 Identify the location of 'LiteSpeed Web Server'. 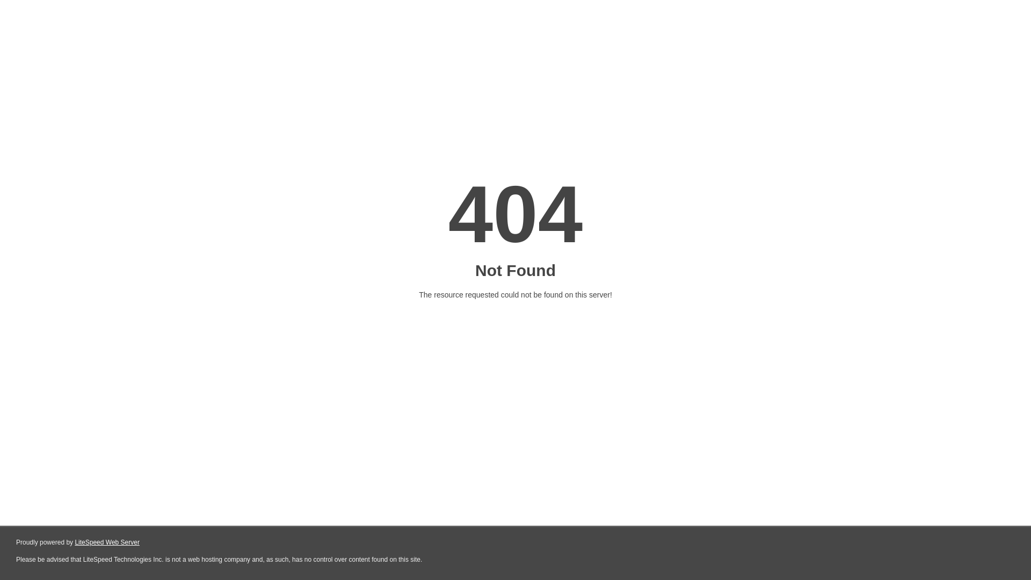
(107, 542).